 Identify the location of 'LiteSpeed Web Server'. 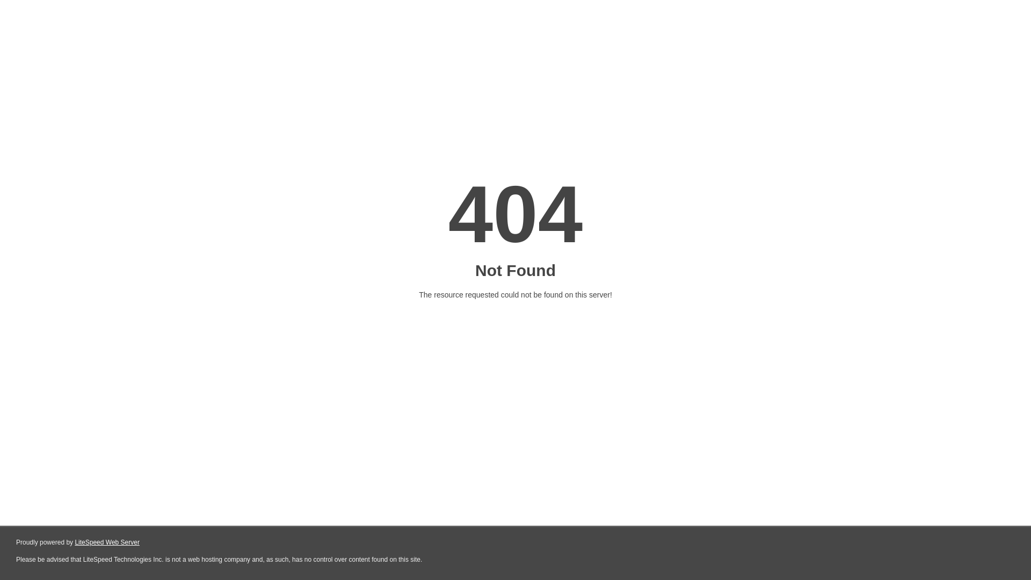
(107, 542).